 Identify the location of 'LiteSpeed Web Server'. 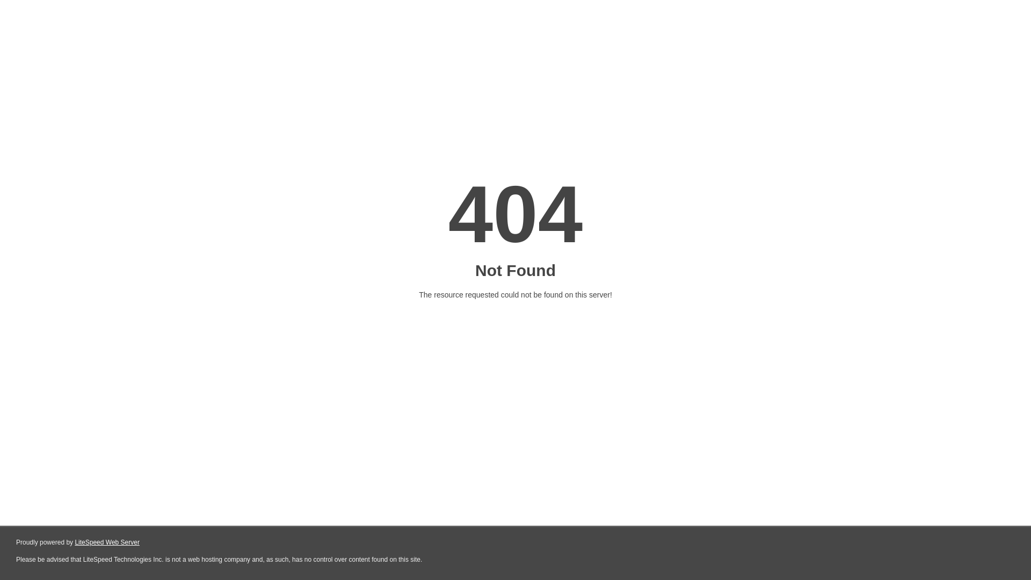
(107, 542).